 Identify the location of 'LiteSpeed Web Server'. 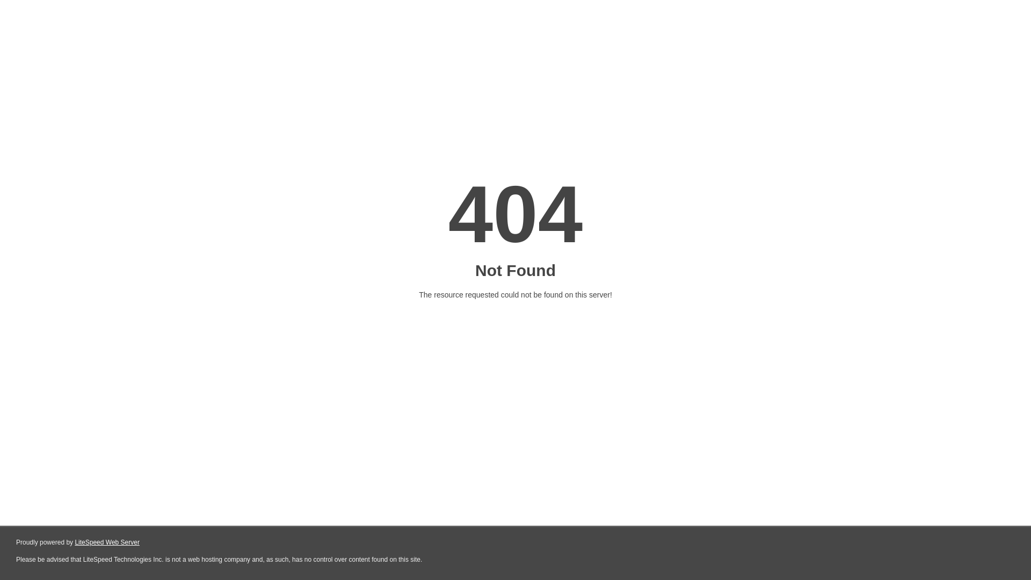
(107, 542).